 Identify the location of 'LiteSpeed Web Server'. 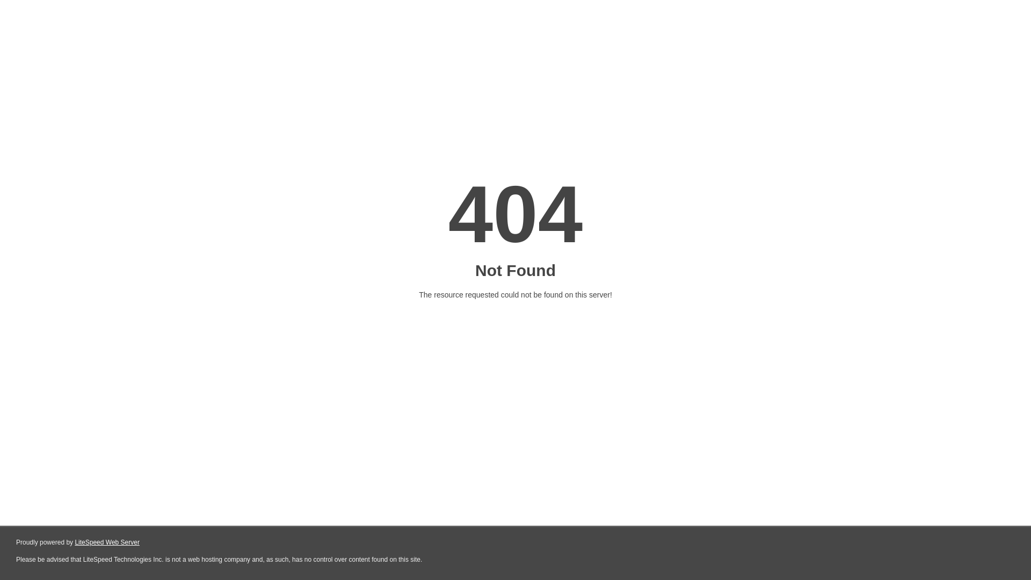
(107, 542).